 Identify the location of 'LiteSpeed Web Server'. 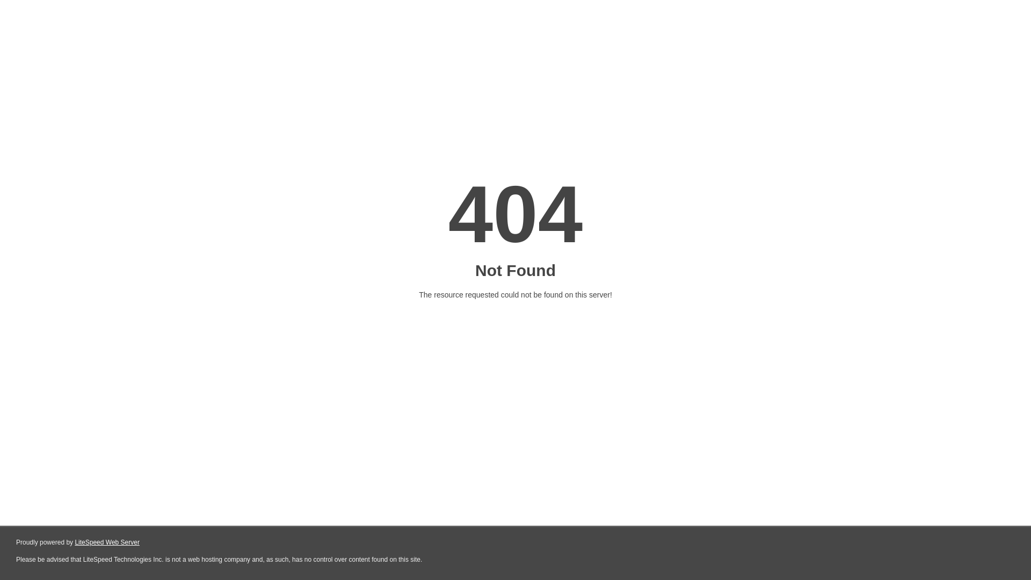
(107, 542).